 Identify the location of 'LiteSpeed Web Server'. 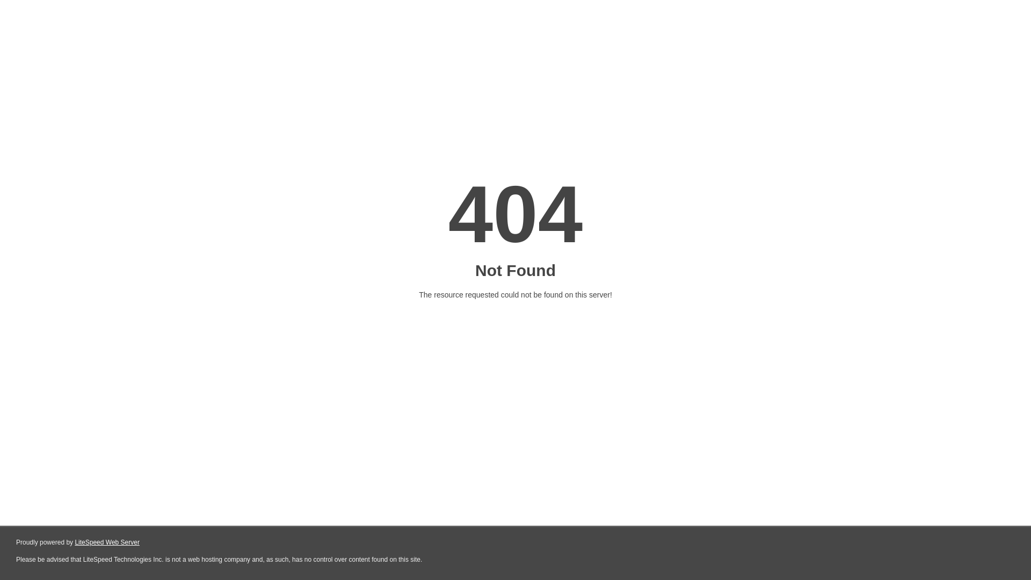
(107, 542).